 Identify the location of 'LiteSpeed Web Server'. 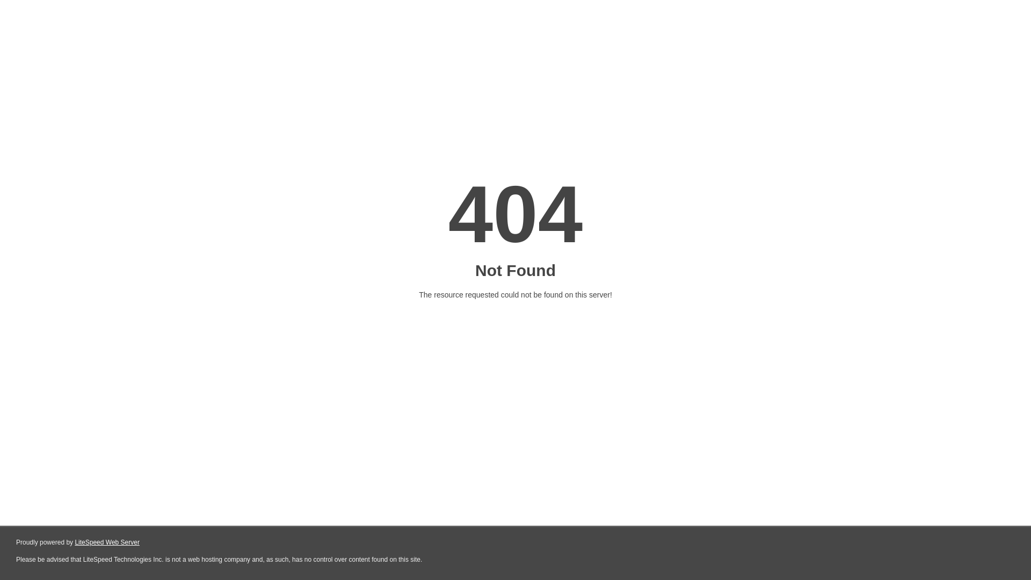
(107, 542).